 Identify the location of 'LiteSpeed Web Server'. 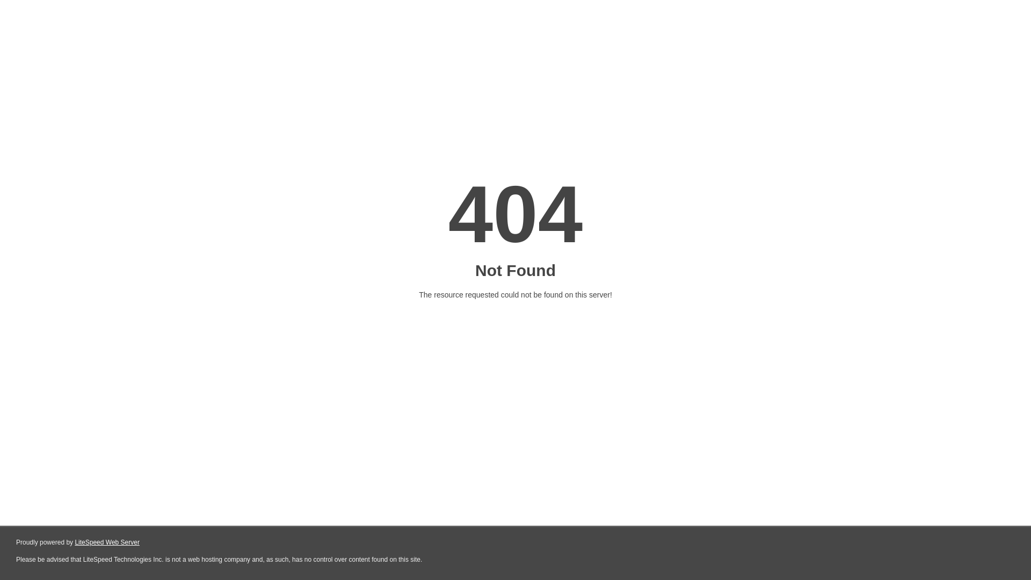
(107, 542).